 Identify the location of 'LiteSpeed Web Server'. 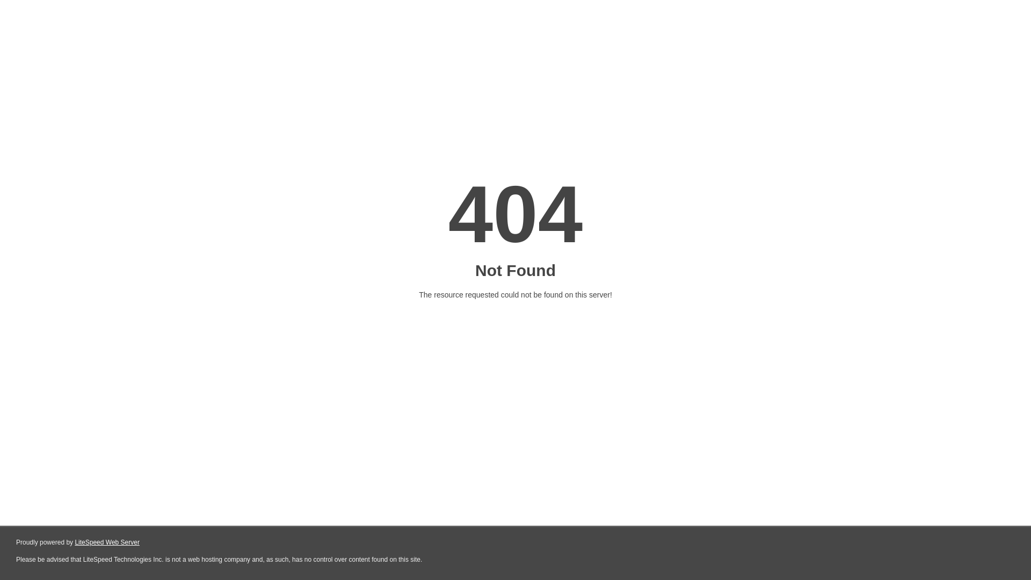
(107, 542).